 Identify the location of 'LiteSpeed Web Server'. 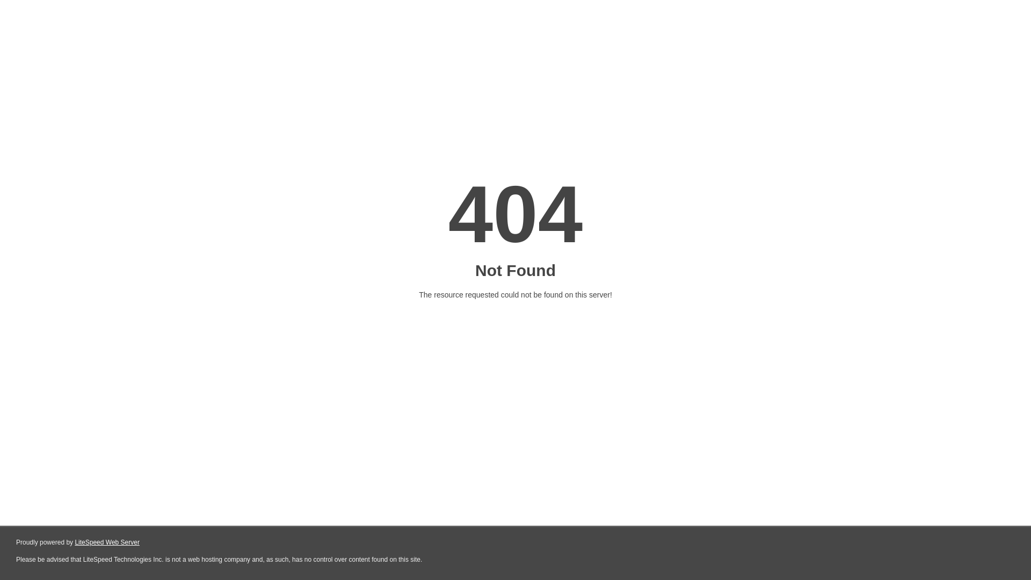
(107, 542).